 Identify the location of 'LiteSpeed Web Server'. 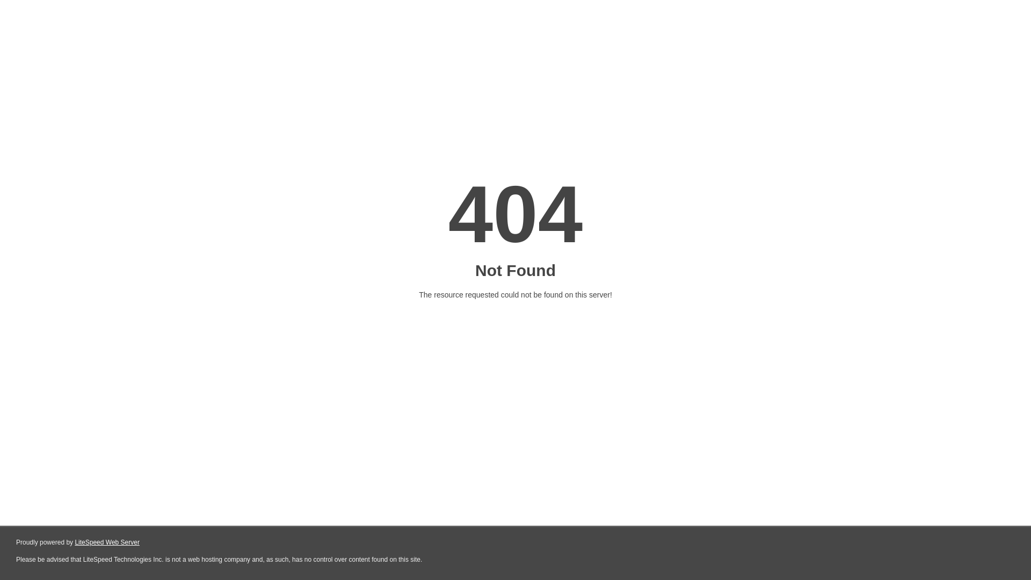
(107, 542).